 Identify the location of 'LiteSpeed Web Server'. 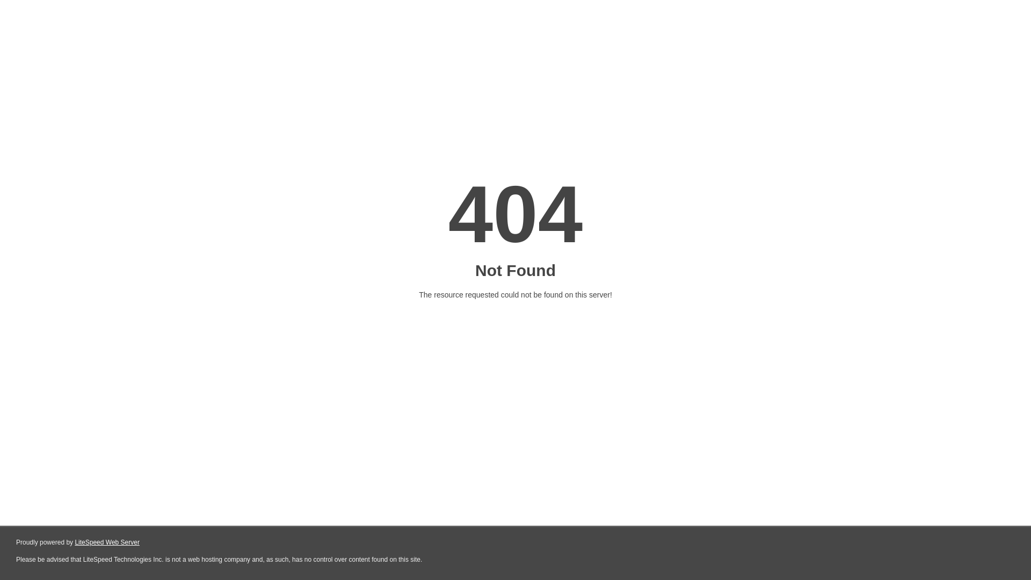
(107, 542).